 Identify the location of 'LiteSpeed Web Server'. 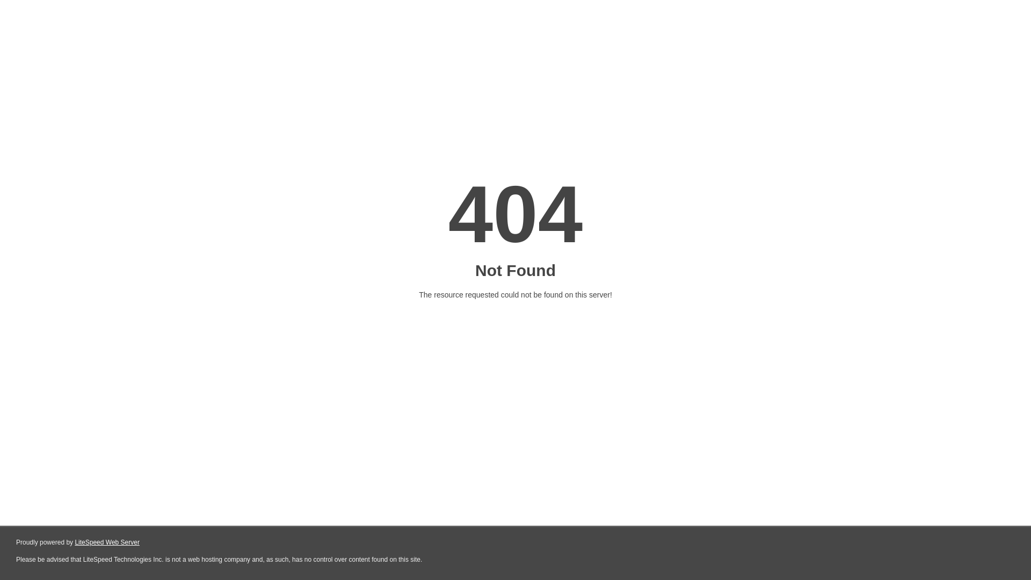
(107, 542).